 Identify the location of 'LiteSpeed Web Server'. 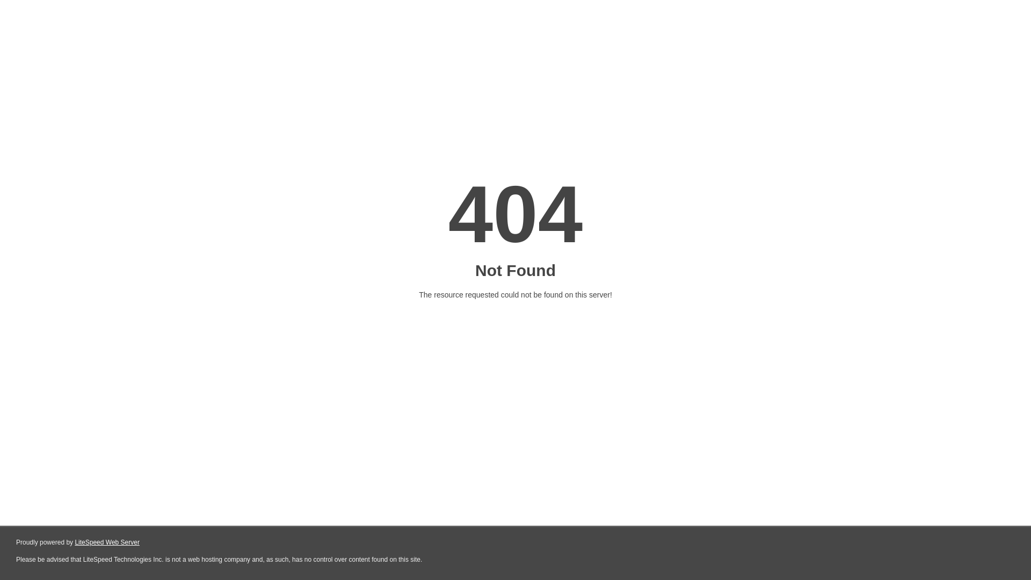
(107, 542).